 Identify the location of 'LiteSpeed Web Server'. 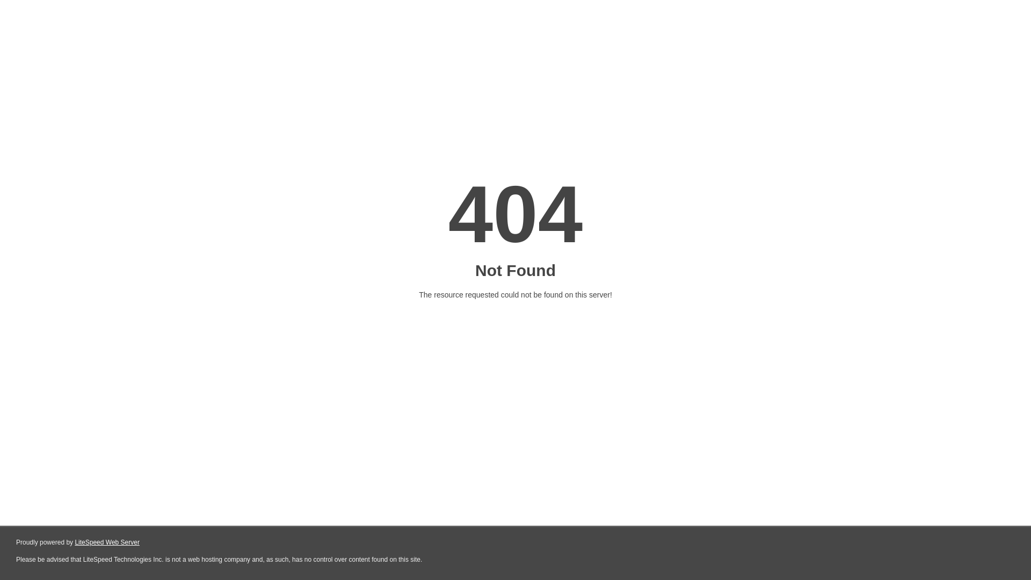
(107, 542).